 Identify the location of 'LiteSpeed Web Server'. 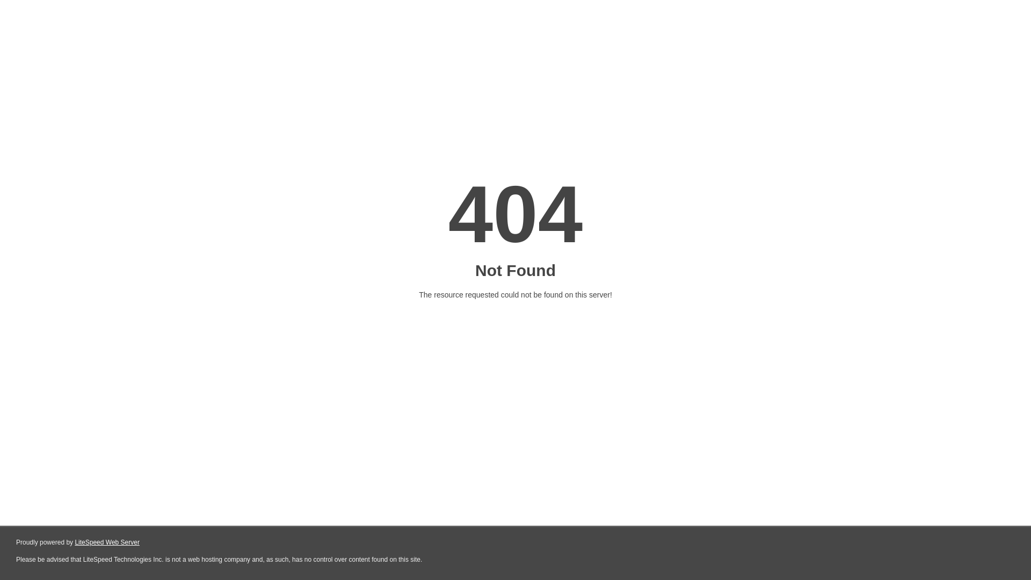
(107, 542).